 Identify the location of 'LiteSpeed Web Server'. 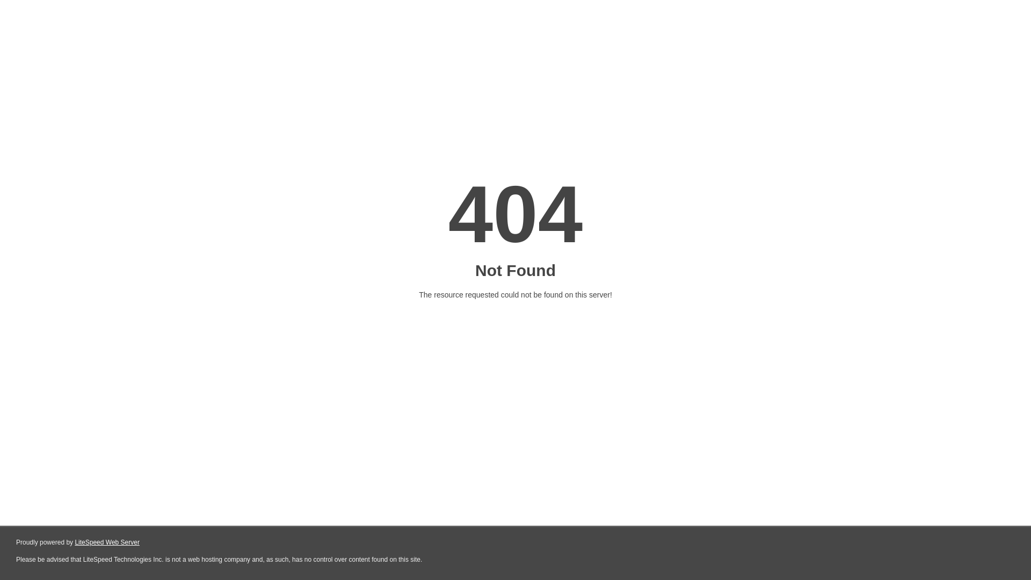
(107, 542).